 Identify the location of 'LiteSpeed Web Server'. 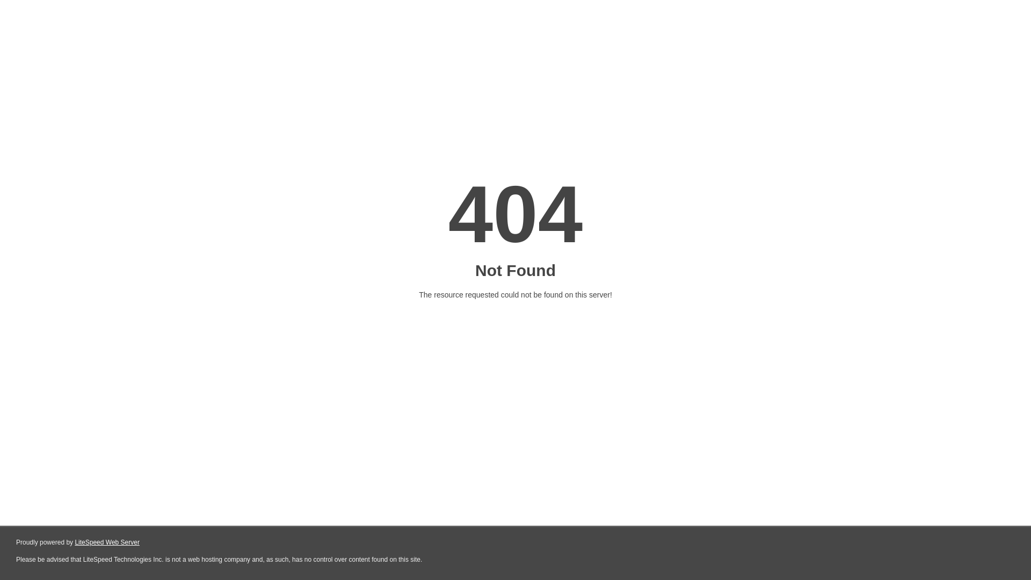
(107, 542).